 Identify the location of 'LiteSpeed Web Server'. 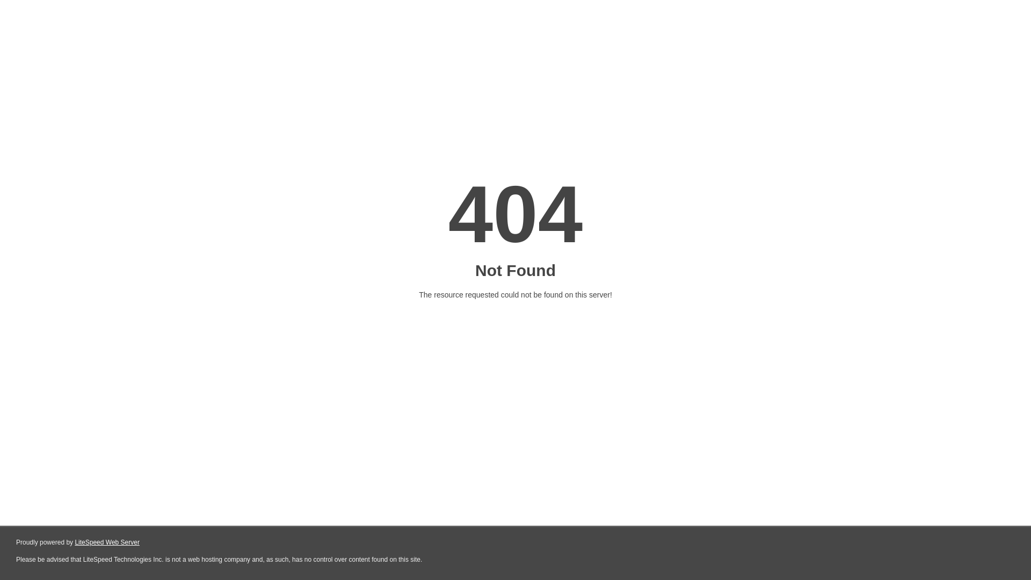
(107, 542).